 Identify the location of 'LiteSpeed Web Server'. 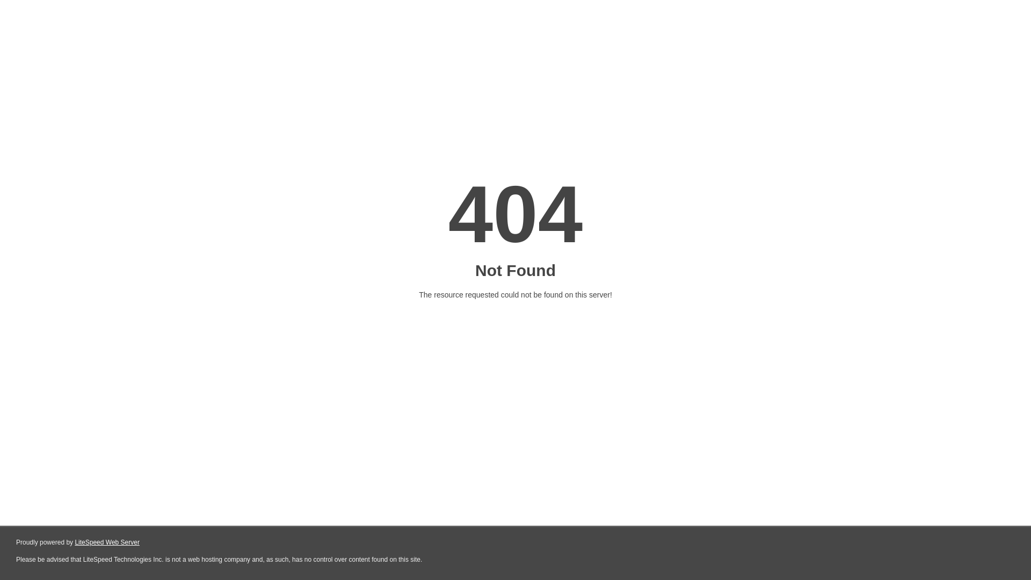
(107, 542).